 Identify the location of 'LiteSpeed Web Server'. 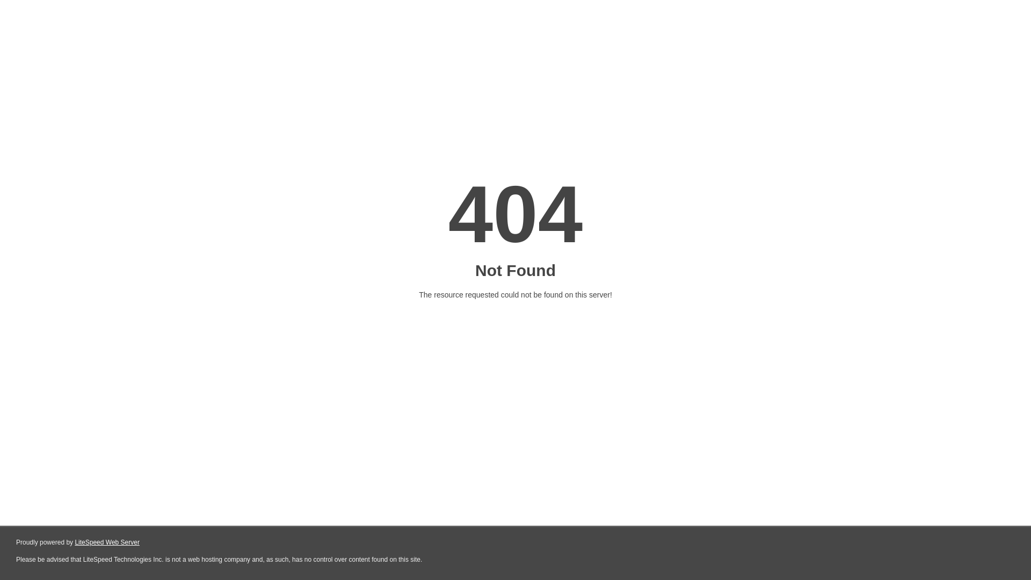
(107, 542).